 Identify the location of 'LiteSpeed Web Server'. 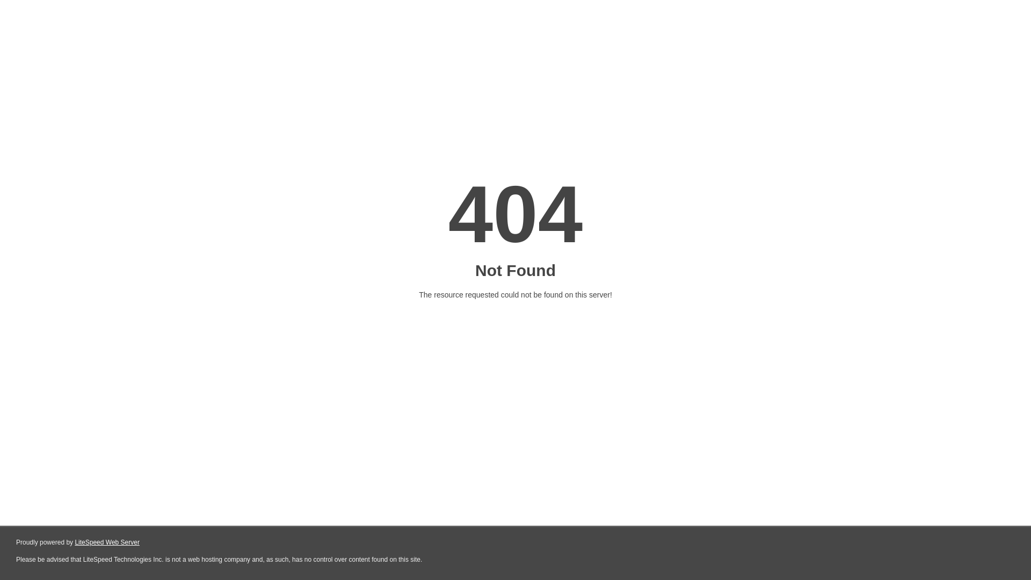
(107, 542).